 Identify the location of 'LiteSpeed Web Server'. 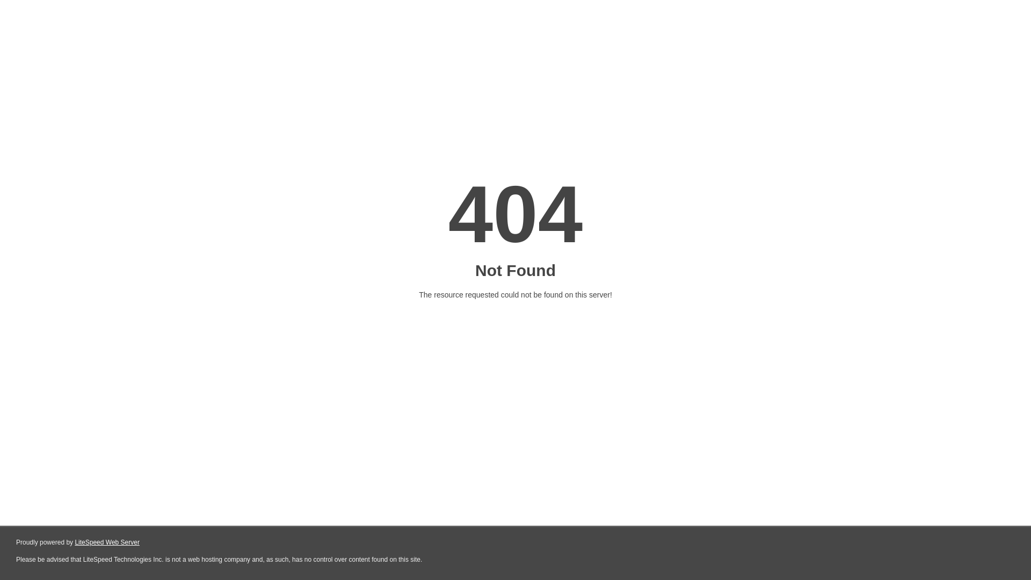
(107, 542).